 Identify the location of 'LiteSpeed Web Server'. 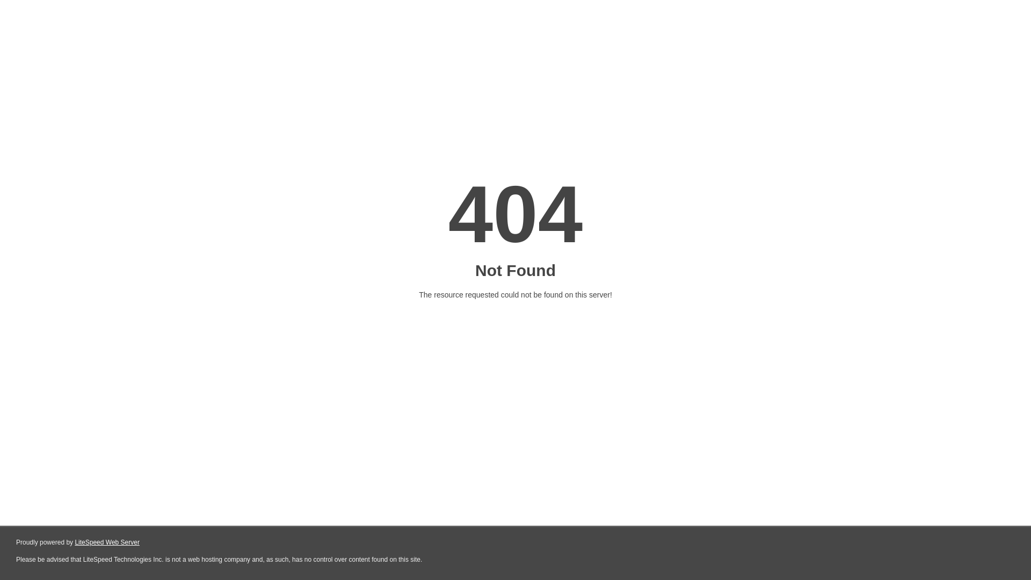
(107, 542).